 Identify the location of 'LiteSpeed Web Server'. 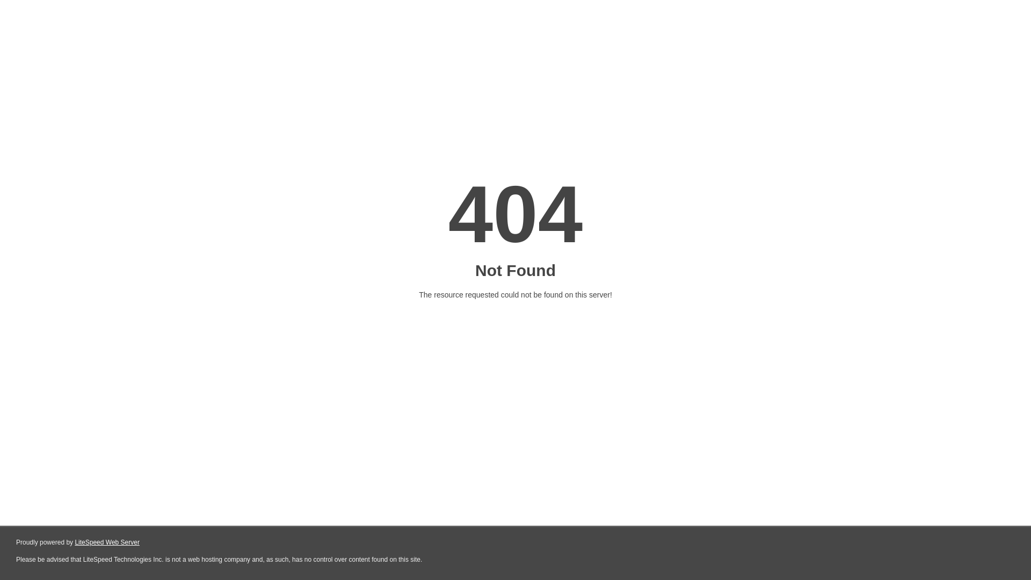
(107, 542).